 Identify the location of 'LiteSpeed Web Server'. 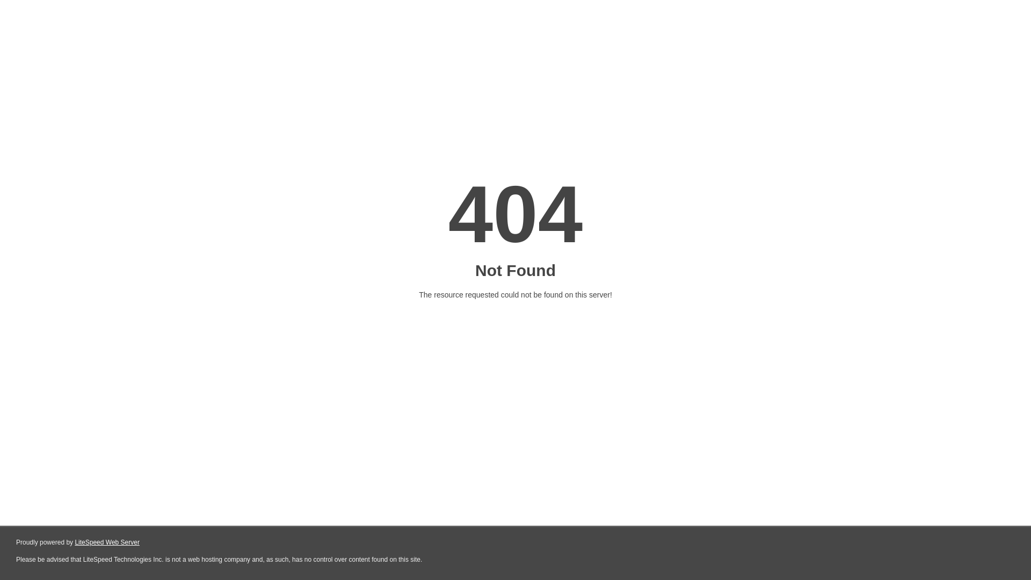
(107, 542).